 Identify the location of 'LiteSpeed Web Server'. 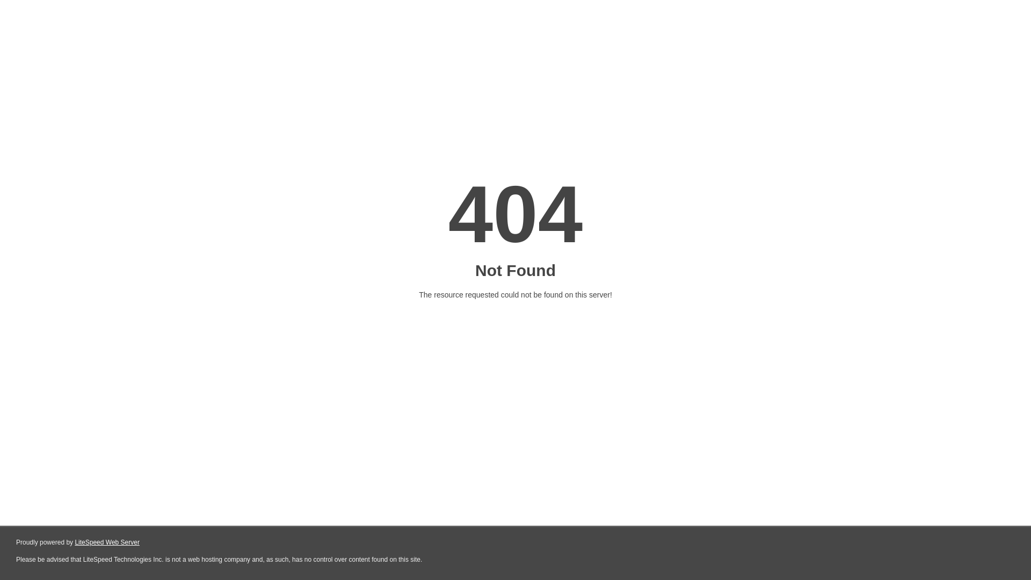
(107, 542).